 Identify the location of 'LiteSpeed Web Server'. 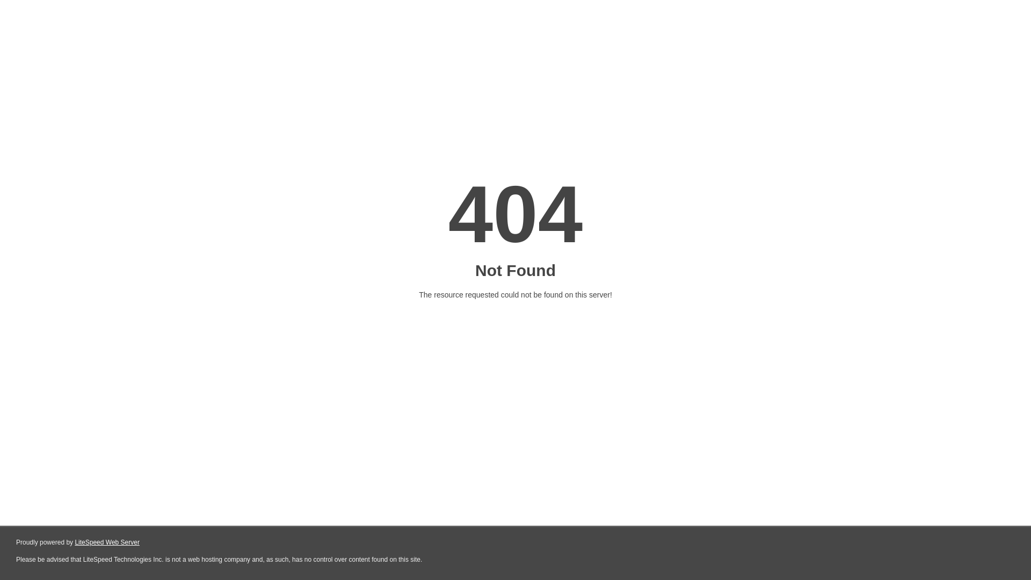
(107, 542).